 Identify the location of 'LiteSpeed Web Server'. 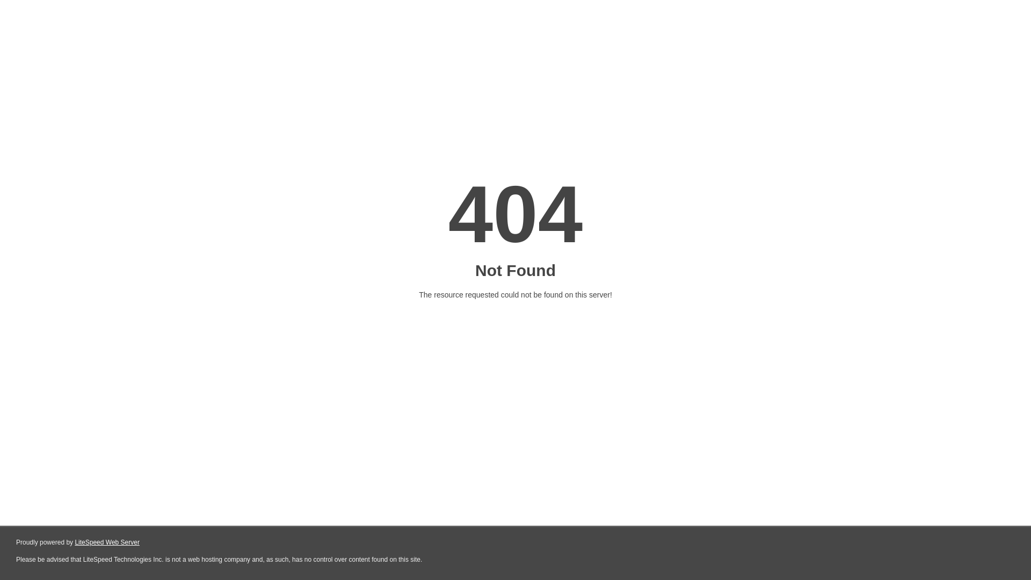
(107, 542).